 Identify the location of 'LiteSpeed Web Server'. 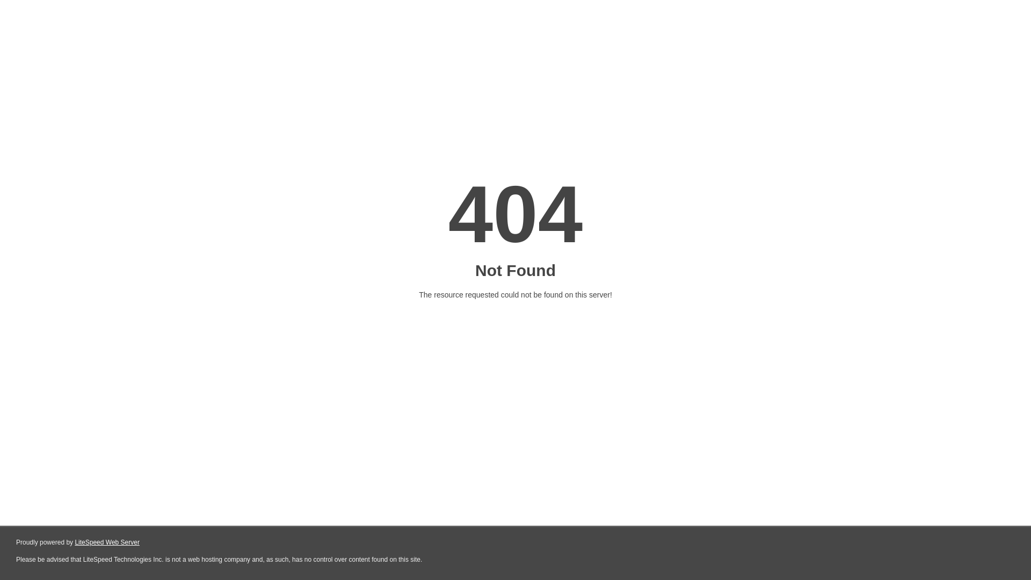
(107, 542).